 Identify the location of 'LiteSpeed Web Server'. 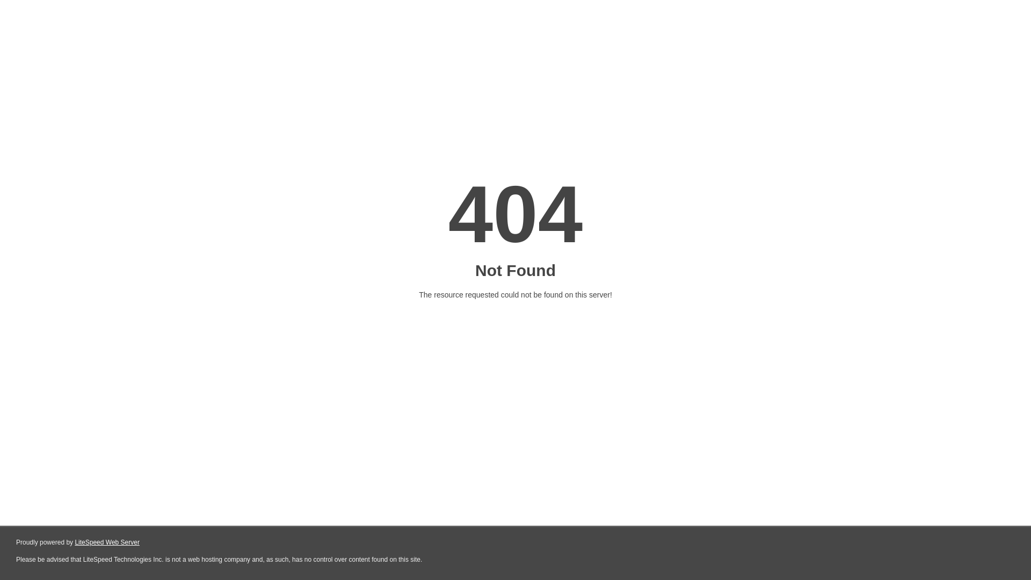
(107, 542).